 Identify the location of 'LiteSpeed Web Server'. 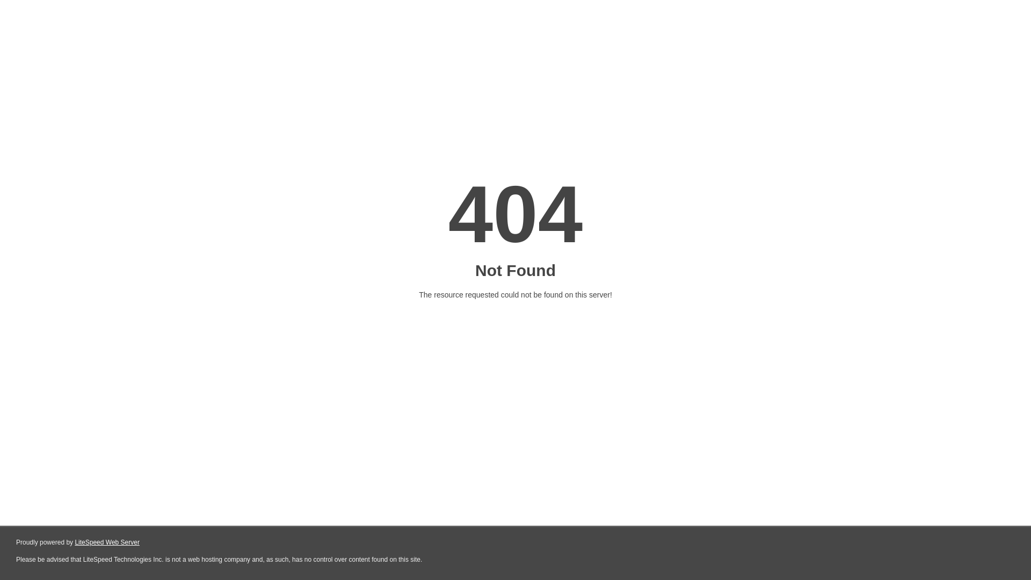
(107, 542).